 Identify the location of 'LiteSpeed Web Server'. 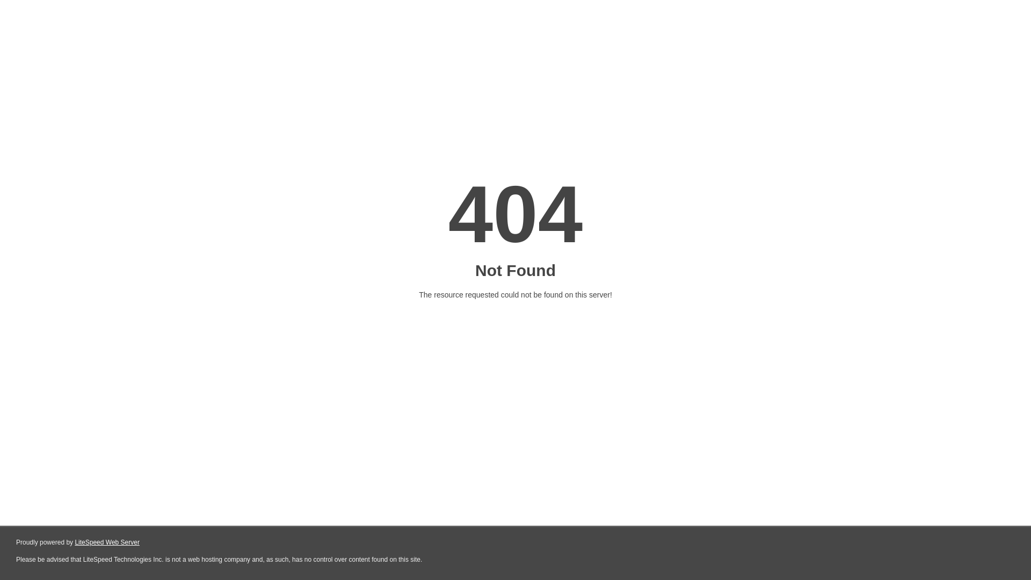
(107, 542).